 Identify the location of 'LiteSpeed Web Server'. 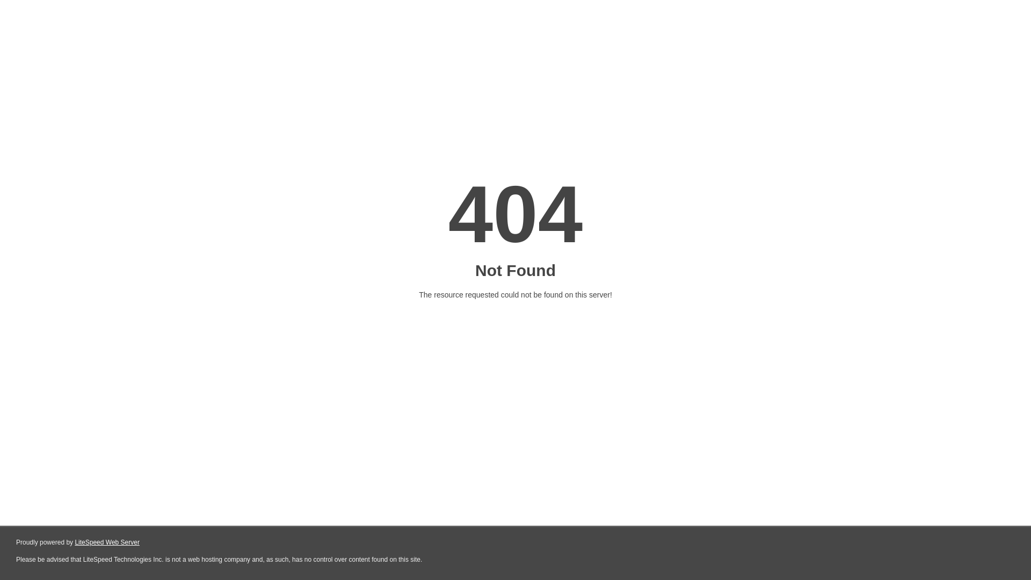
(107, 542).